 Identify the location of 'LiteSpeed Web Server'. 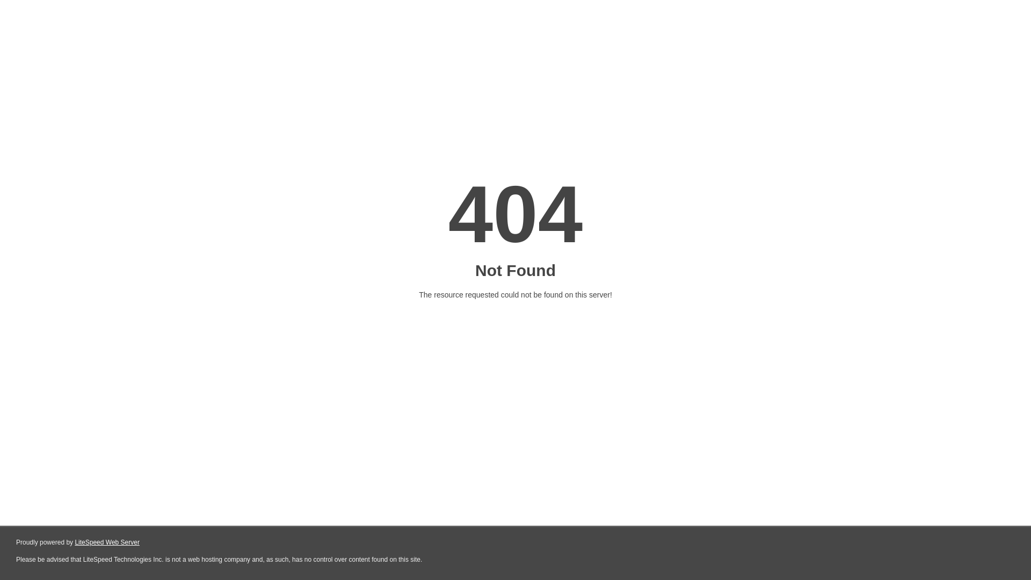
(107, 542).